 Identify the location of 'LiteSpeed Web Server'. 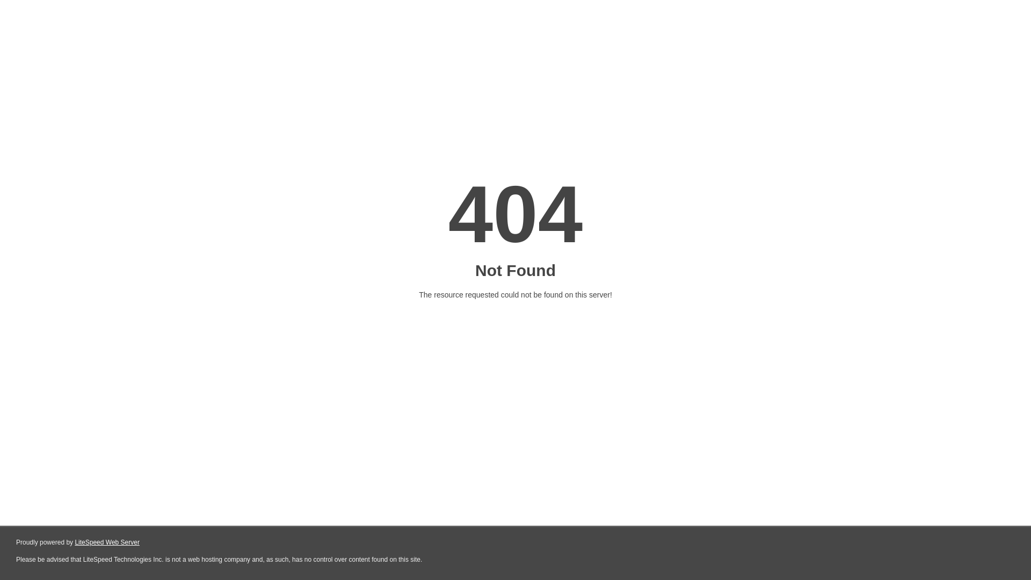
(107, 542).